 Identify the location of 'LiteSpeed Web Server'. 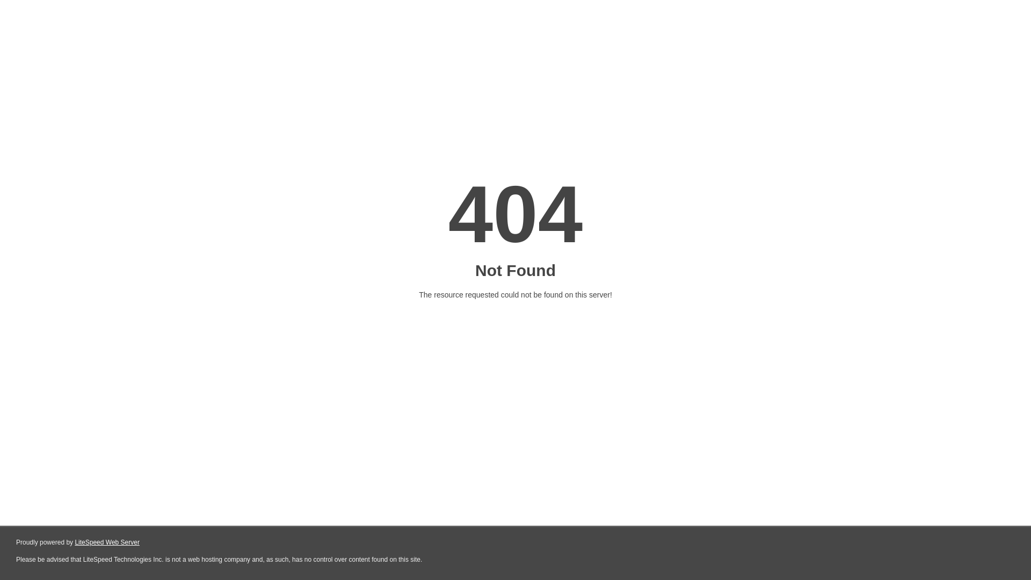
(107, 542).